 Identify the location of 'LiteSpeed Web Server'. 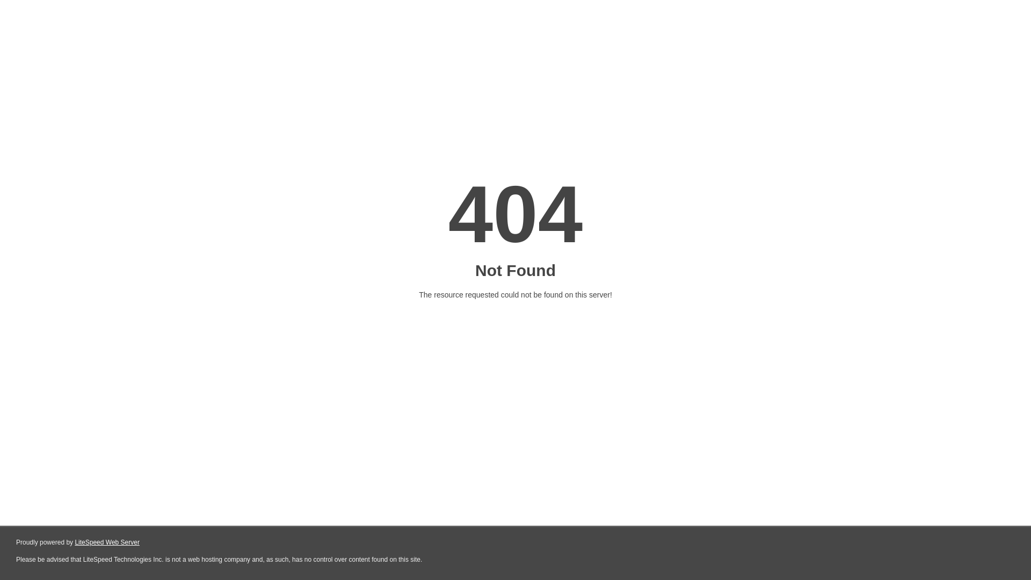
(107, 542).